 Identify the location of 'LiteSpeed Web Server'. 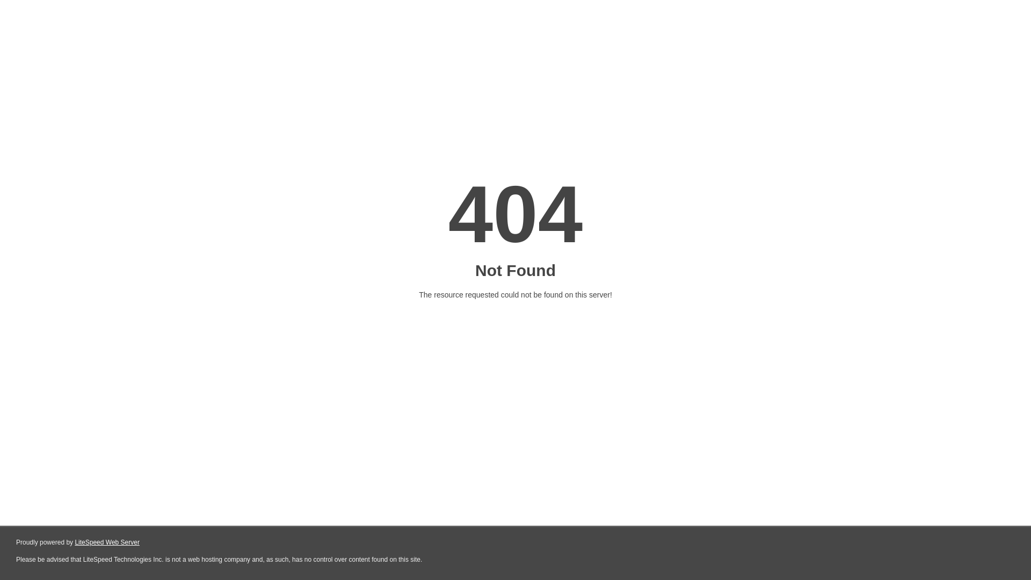
(107, 542).